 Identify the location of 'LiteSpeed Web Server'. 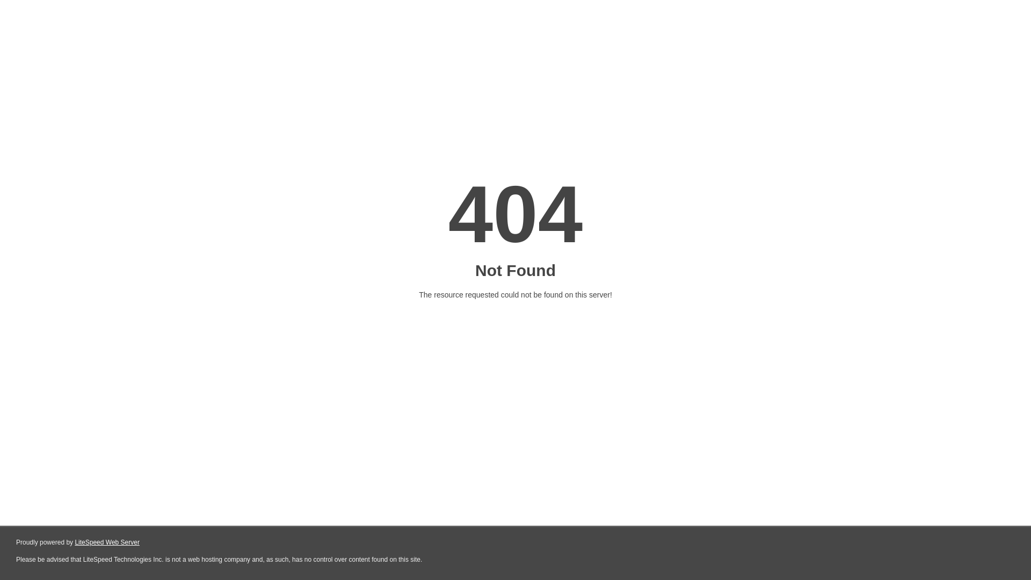
(107, 542).